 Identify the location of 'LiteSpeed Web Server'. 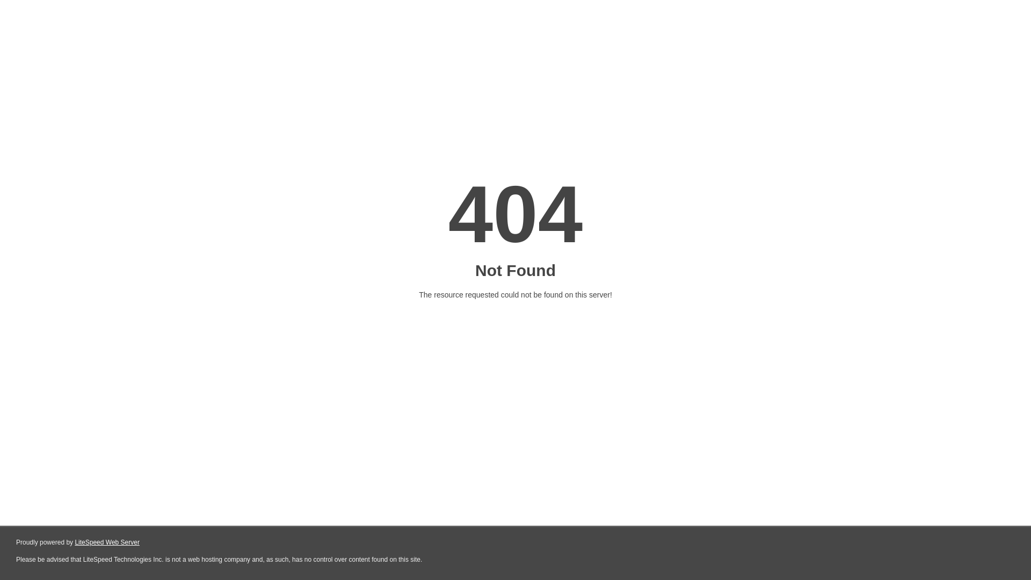
(107, 542).